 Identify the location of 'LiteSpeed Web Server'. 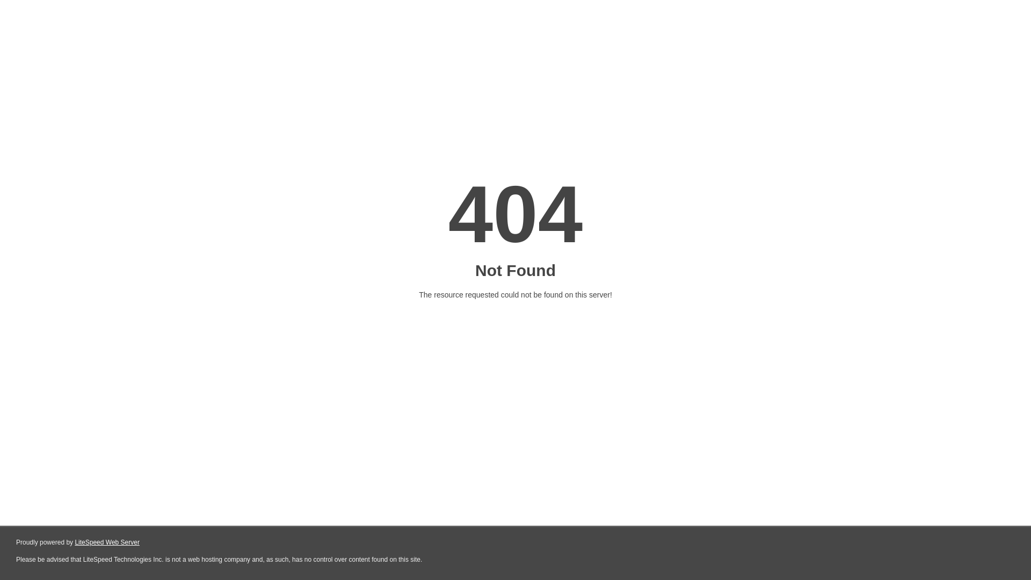
(107, 542).